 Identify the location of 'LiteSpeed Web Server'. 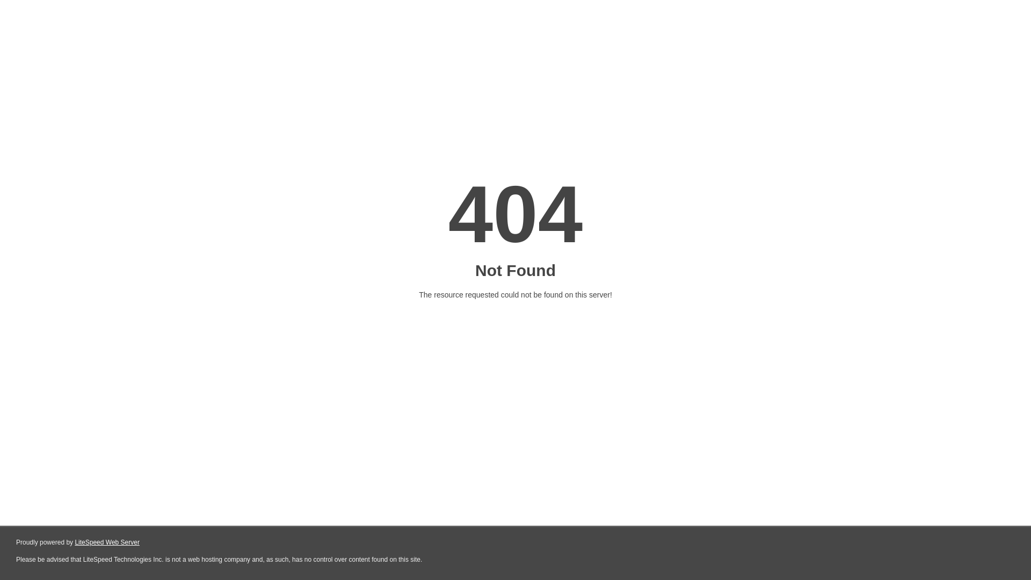
(107, 542).